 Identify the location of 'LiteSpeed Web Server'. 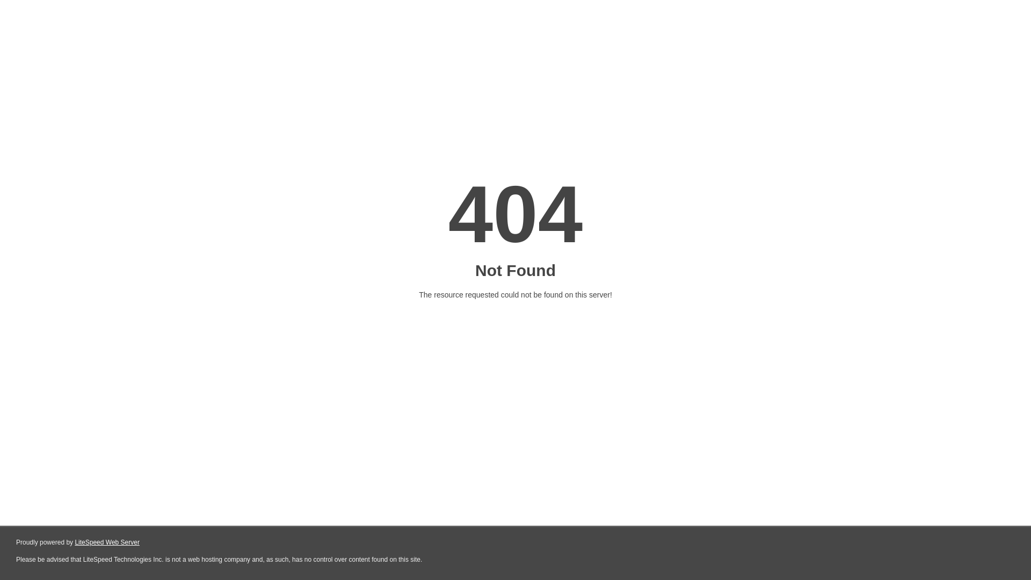
(107, 542).